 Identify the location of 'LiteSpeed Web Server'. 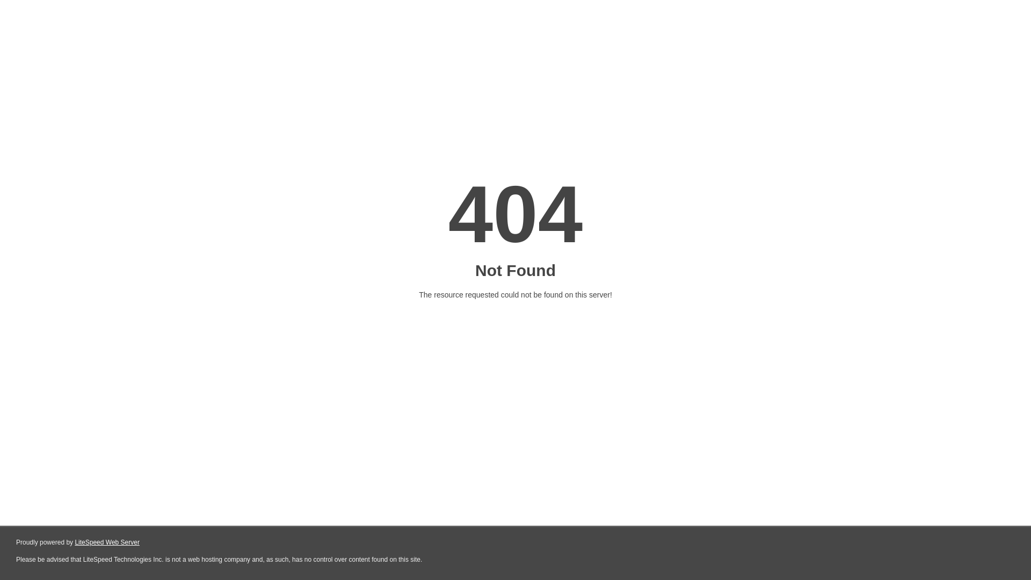
(107, 542).